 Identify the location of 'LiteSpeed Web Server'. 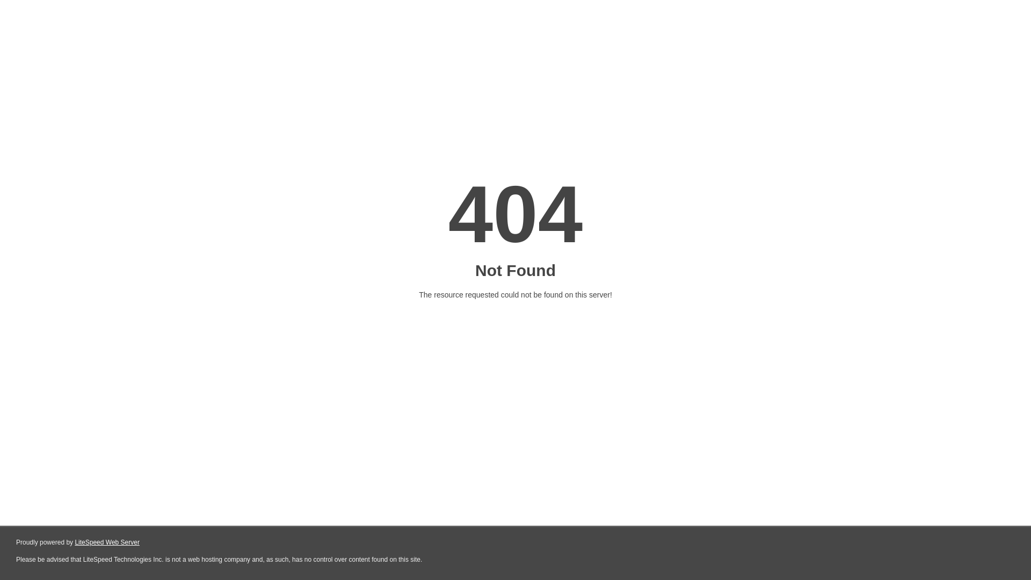
(107, 542).